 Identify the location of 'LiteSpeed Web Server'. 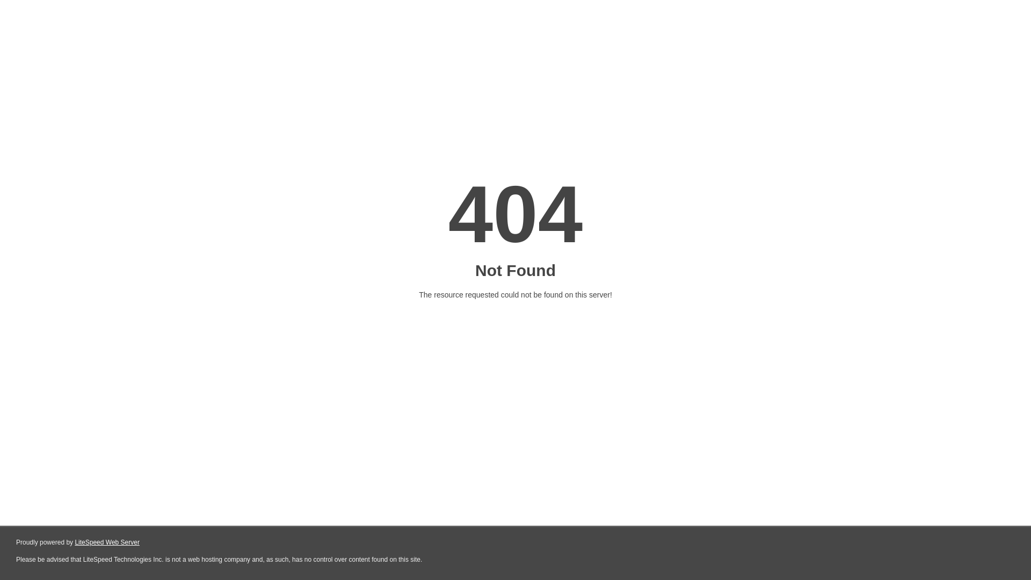
(107, 542).